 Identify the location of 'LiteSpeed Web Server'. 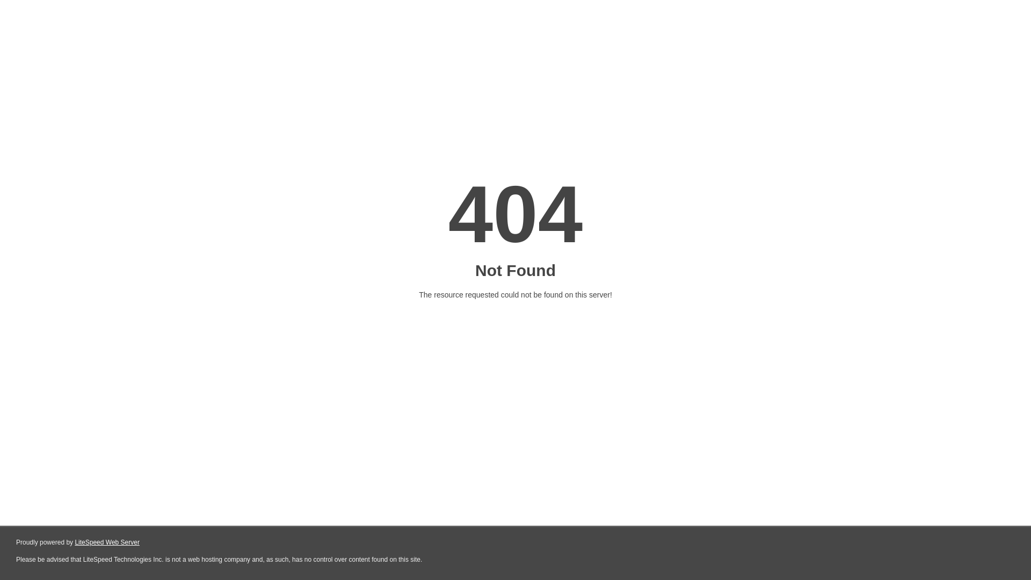
(107, 542).